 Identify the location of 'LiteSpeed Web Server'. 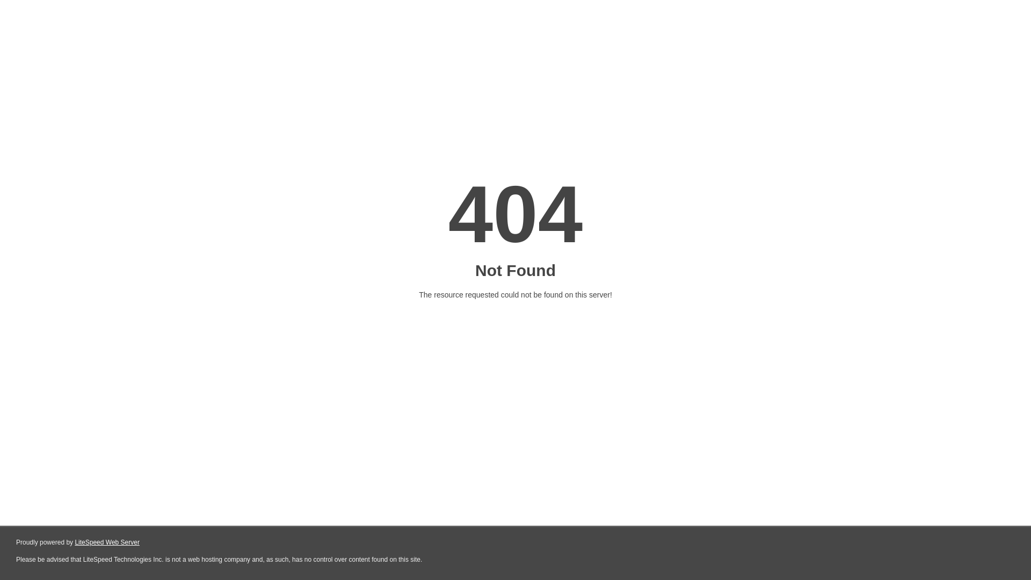
(107, 542).